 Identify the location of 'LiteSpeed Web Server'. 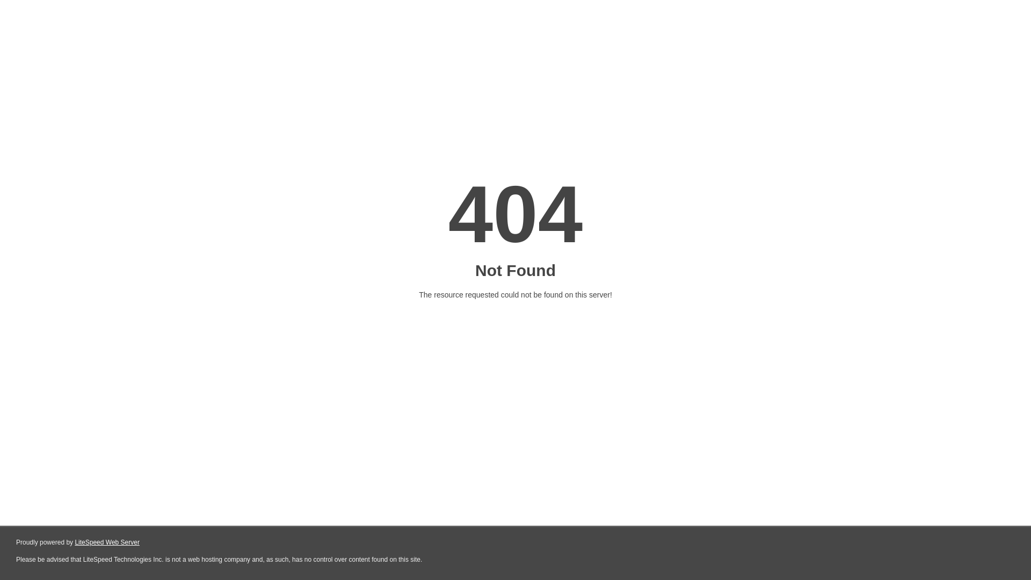
(107, 542).